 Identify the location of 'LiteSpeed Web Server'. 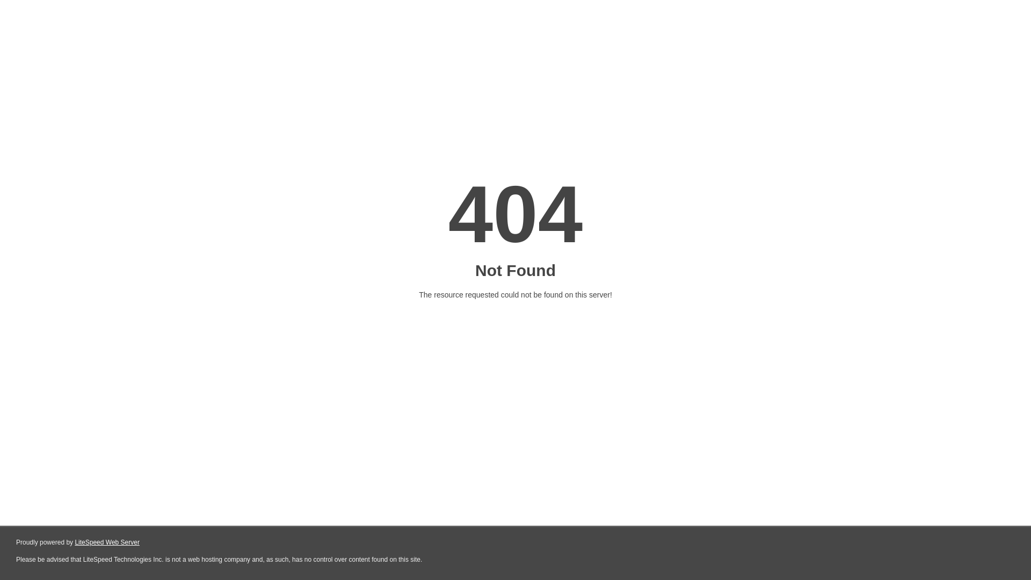
(107, 542).